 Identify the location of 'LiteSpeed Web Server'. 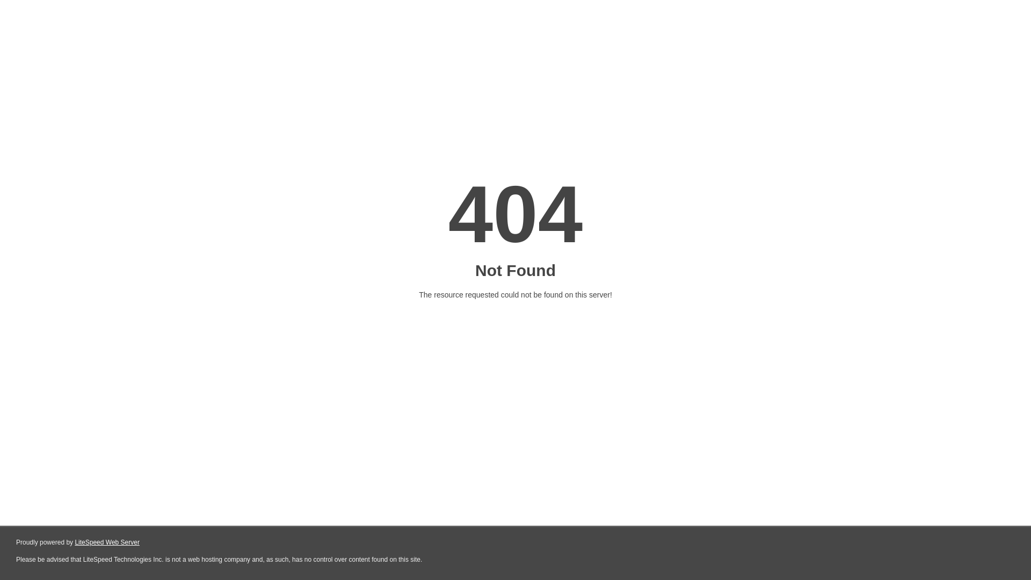
(107, 542).